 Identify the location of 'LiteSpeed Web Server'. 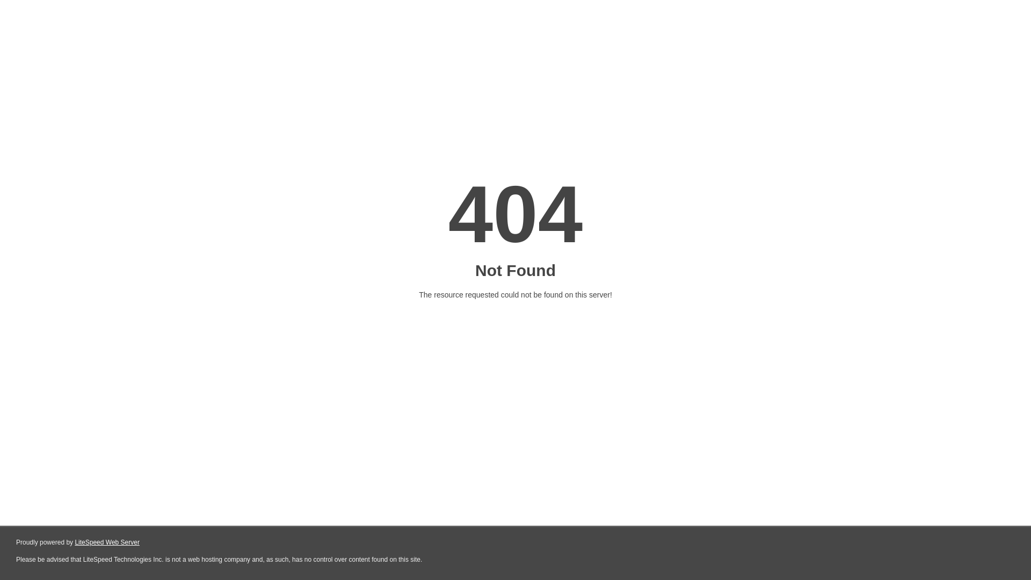
(107, 542).